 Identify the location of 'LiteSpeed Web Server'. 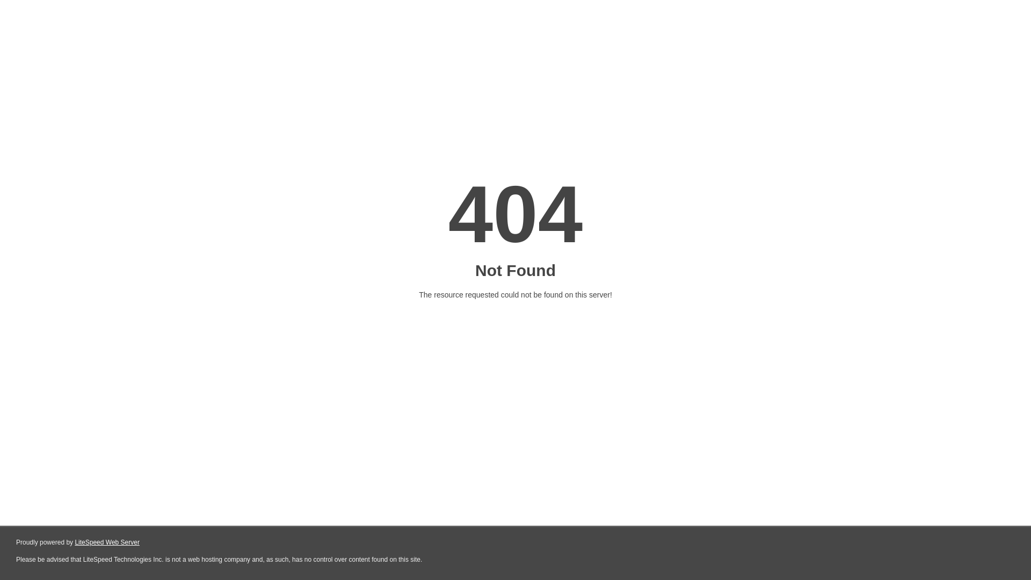
(107, 542).